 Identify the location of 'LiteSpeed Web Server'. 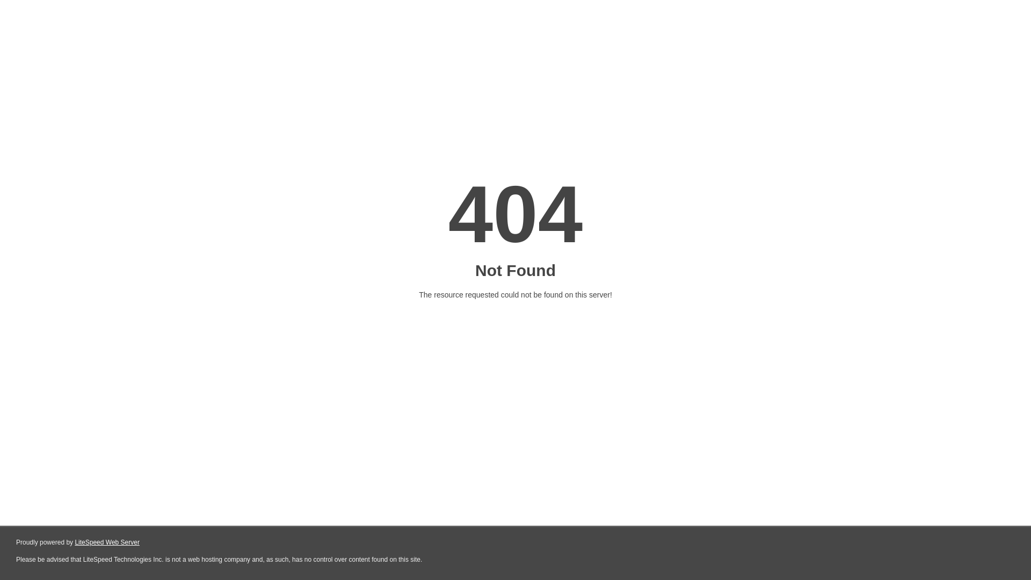
(107, 542).